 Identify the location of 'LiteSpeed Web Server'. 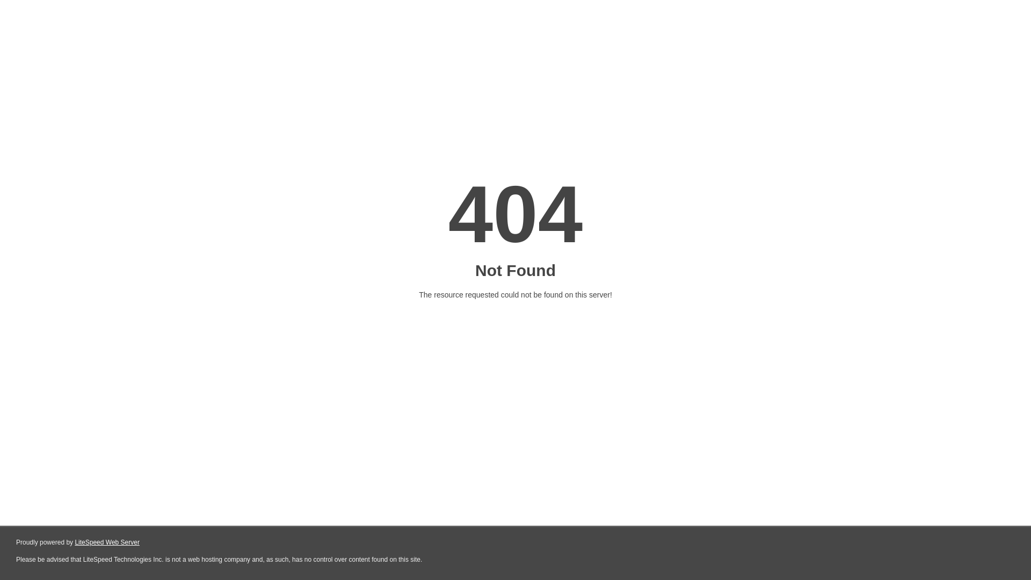
(107, 542).